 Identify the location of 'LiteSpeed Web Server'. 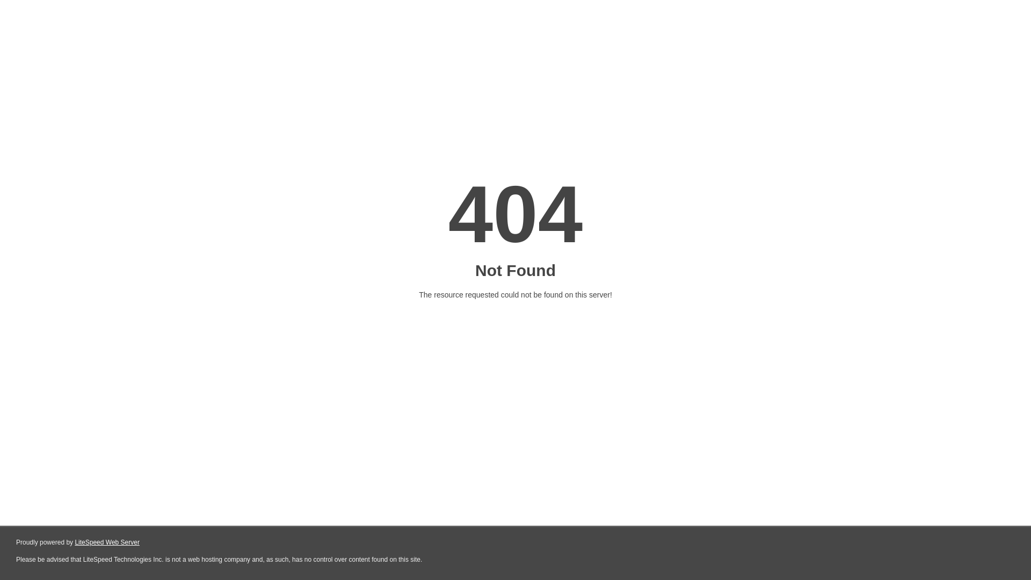
(107, 542).